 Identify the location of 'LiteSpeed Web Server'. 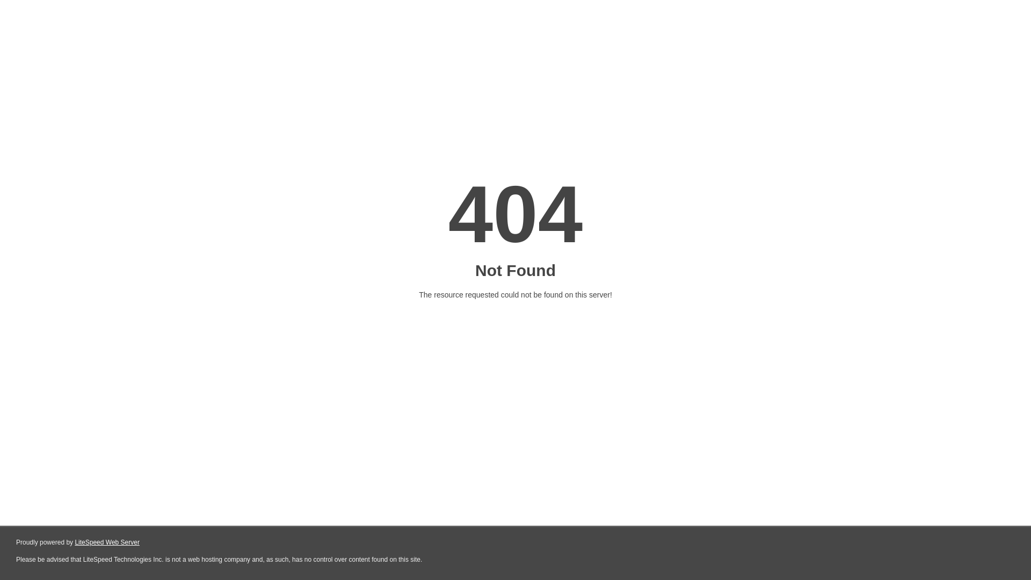
(107, 542).